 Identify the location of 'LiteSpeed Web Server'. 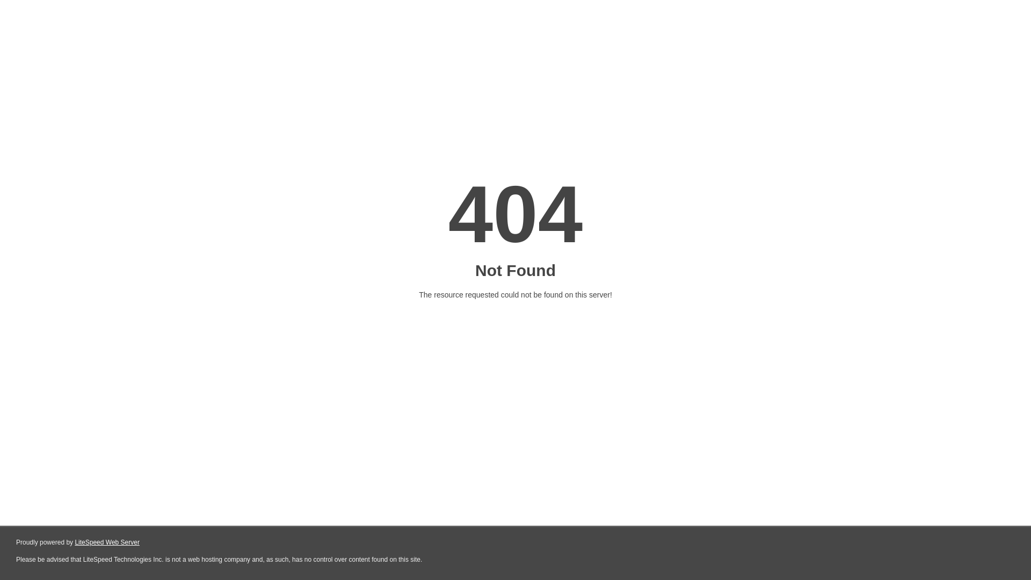
(107, 542).